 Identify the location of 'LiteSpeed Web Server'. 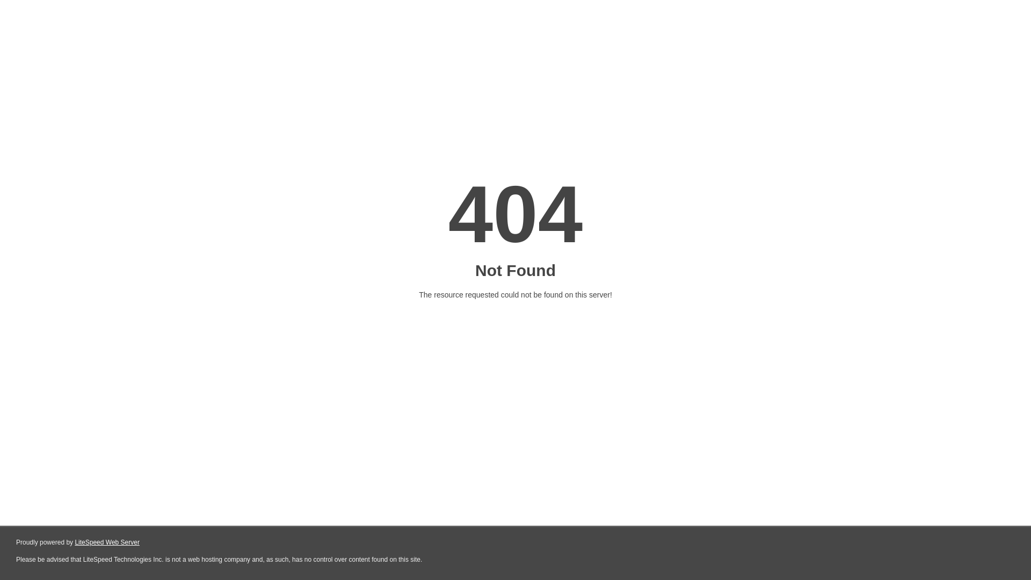
(107, 542).